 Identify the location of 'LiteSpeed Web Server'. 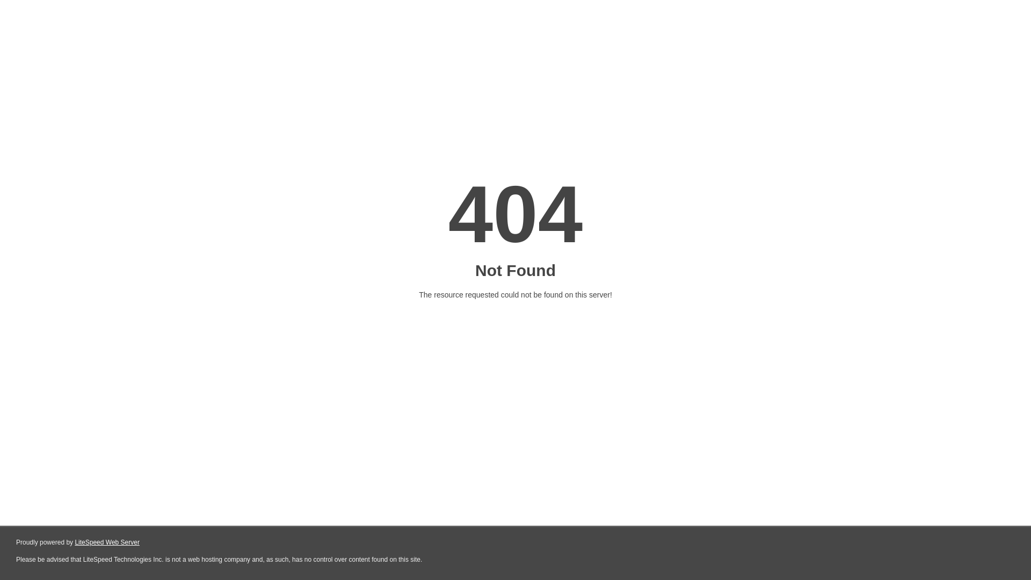
(107, 542).